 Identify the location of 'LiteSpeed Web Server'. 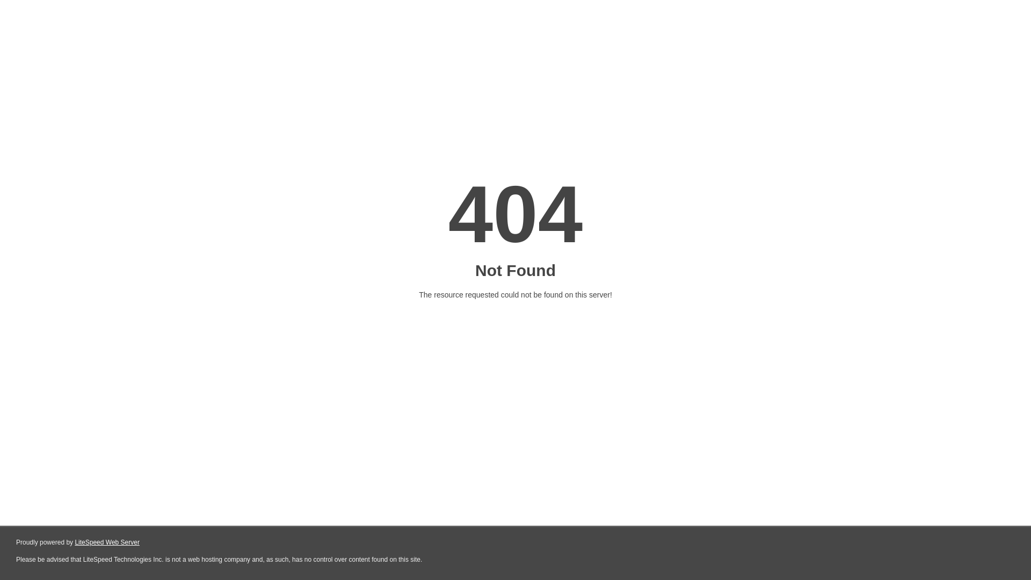
(107, 542).